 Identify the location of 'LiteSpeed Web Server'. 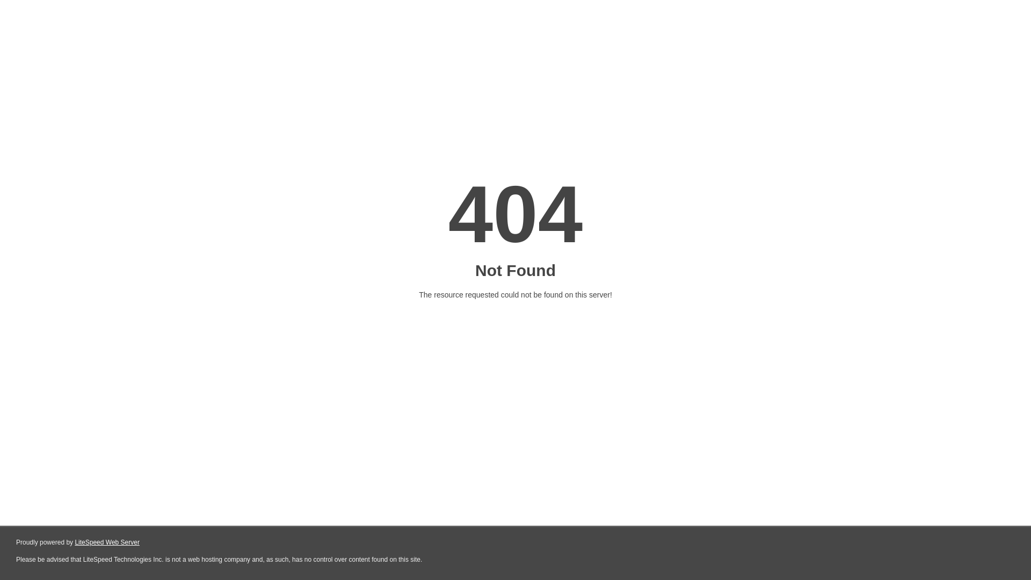
(107, 542).